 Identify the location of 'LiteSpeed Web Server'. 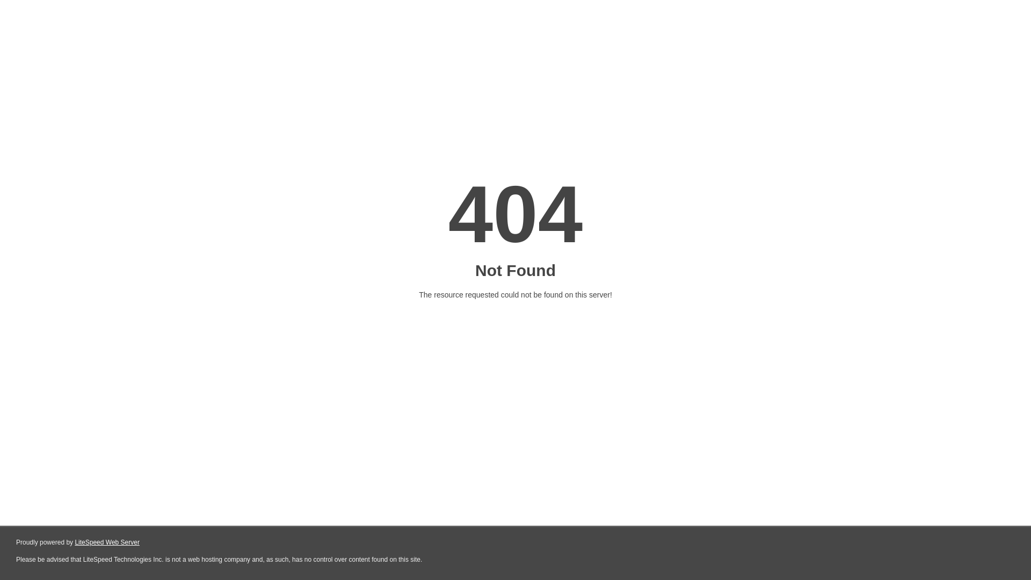
(107, 542).